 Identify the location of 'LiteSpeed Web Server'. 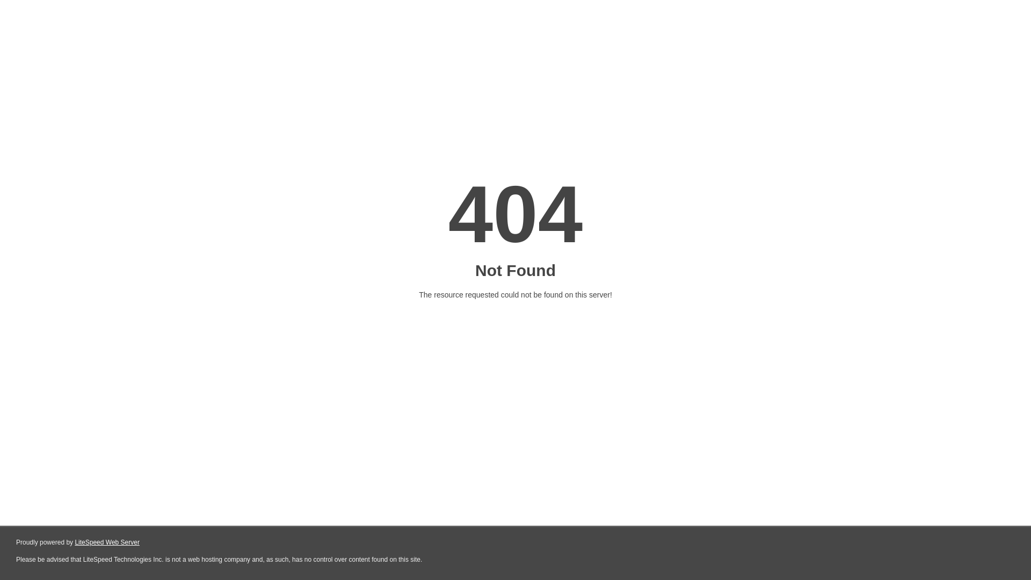
(107, 542).